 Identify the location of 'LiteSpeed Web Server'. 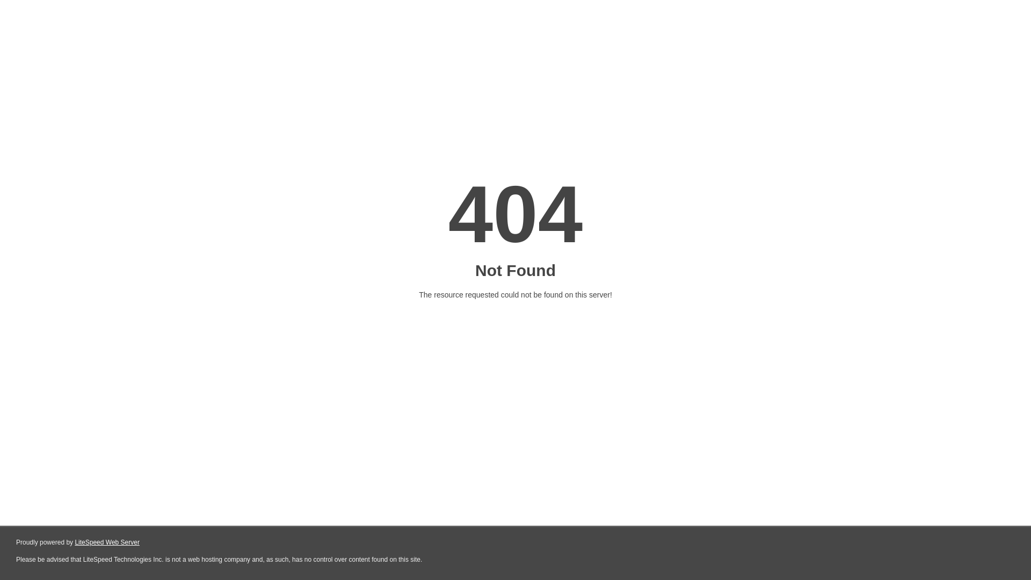
(107, 542).